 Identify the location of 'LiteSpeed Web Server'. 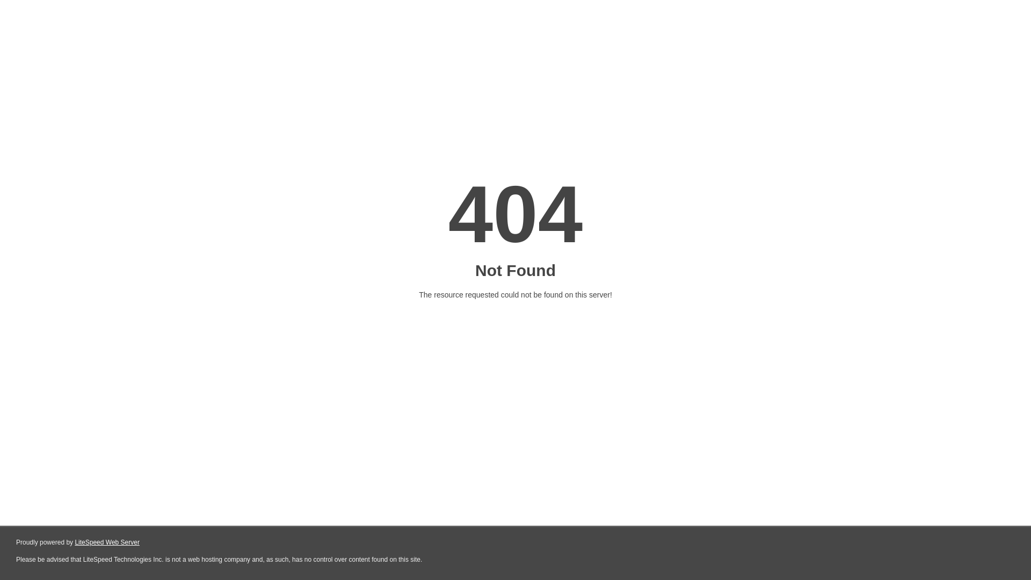
(107, 542).